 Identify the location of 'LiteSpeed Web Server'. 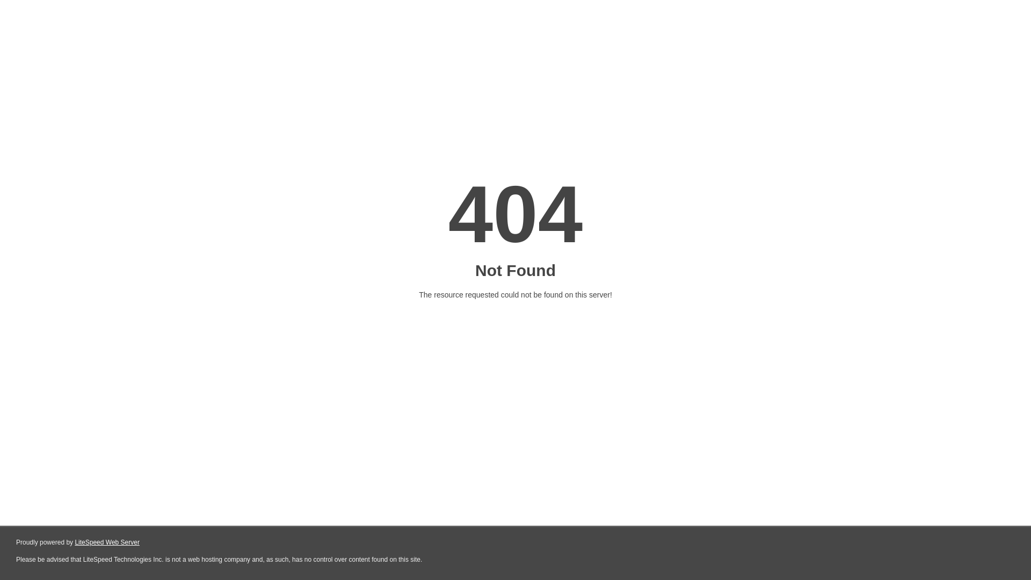
(107, 542).